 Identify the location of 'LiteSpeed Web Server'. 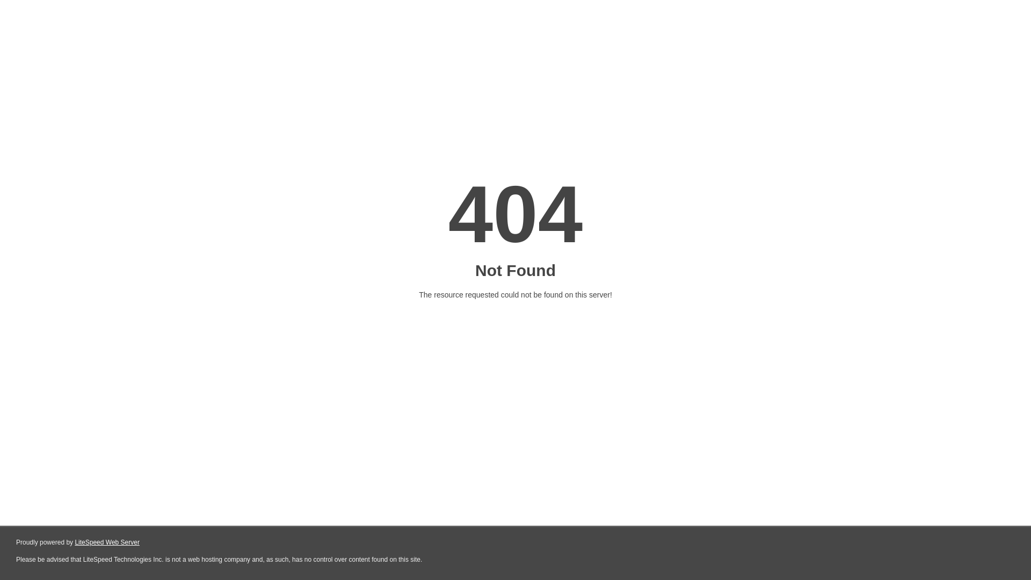
(107, 542).